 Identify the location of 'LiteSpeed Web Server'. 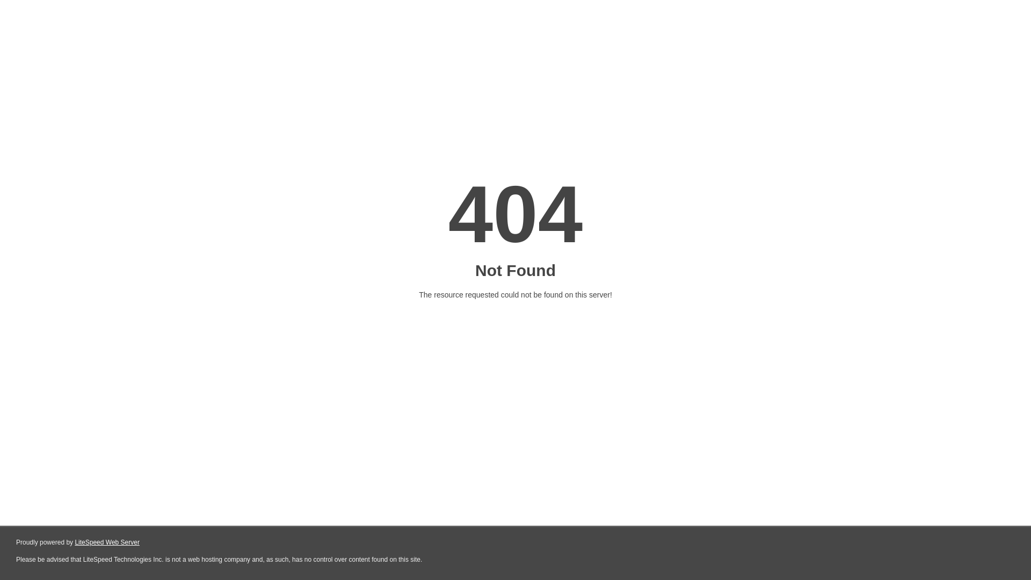
(107, 542).